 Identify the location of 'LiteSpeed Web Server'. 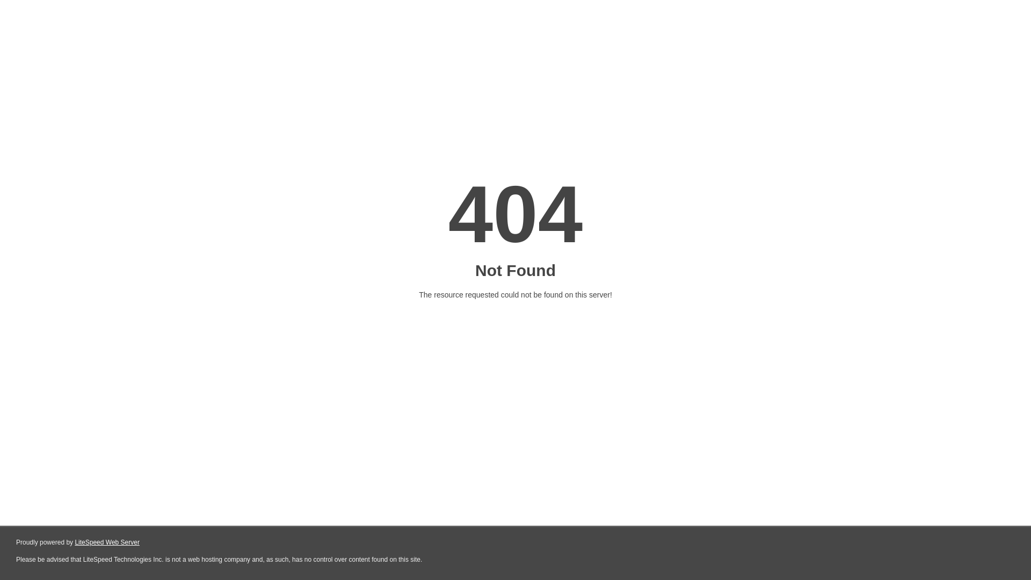
(107, 542).